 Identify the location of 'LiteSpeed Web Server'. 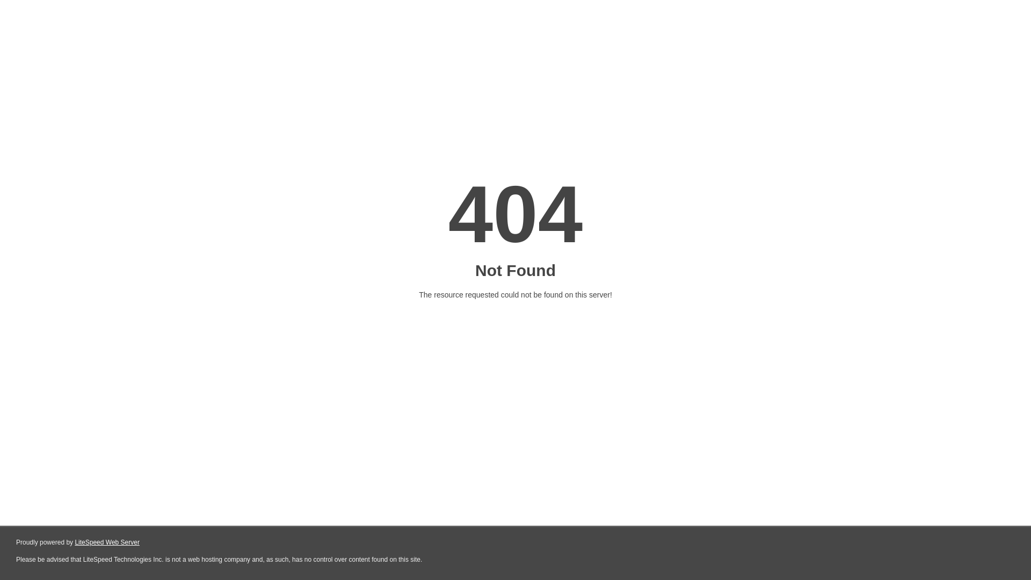
(107, 542).